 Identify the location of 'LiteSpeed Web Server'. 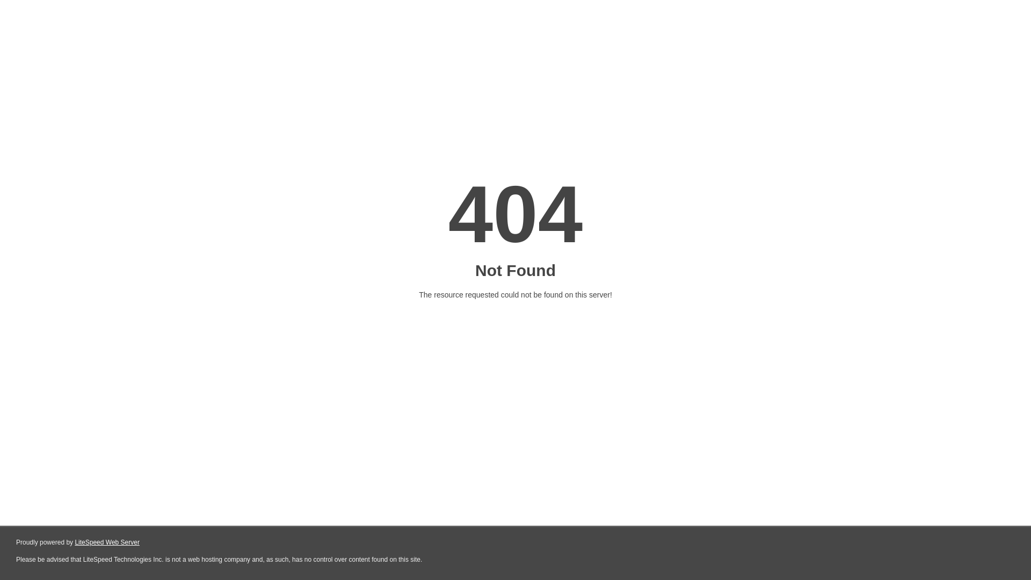
(107, 542).